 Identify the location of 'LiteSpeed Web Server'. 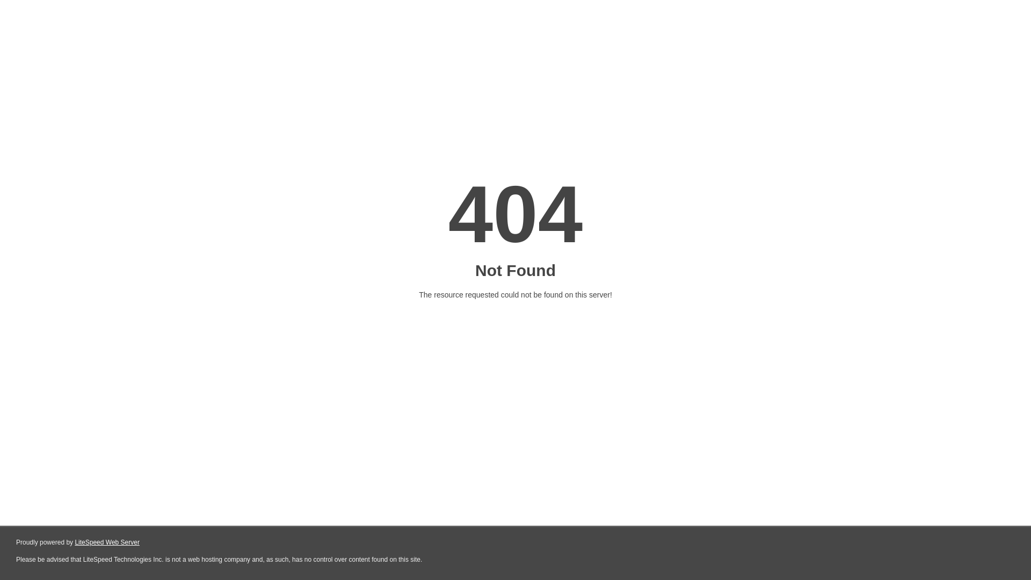
(107, 542).